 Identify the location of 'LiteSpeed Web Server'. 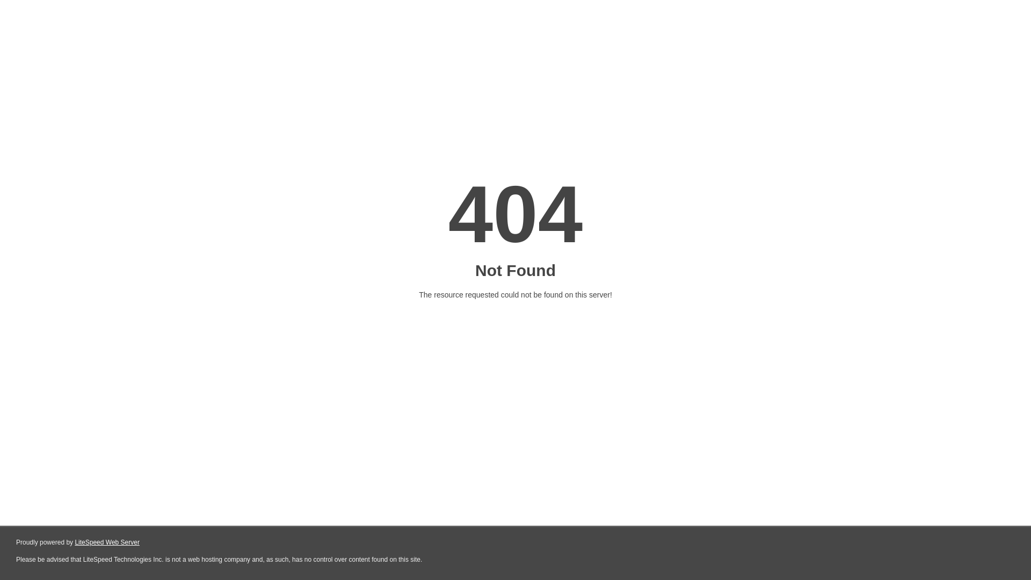
(107, 542).